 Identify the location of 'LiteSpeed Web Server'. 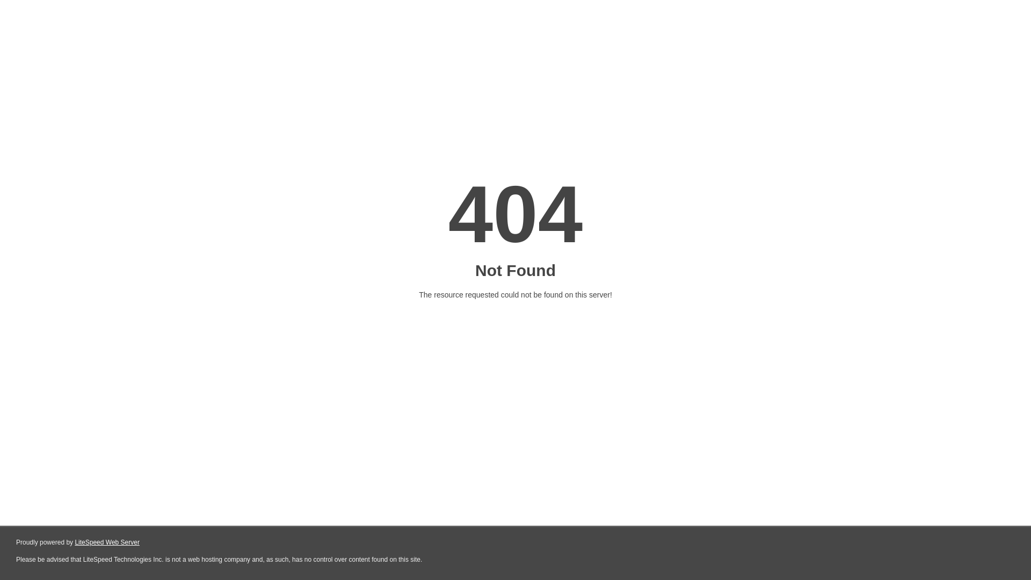
(107, 542).